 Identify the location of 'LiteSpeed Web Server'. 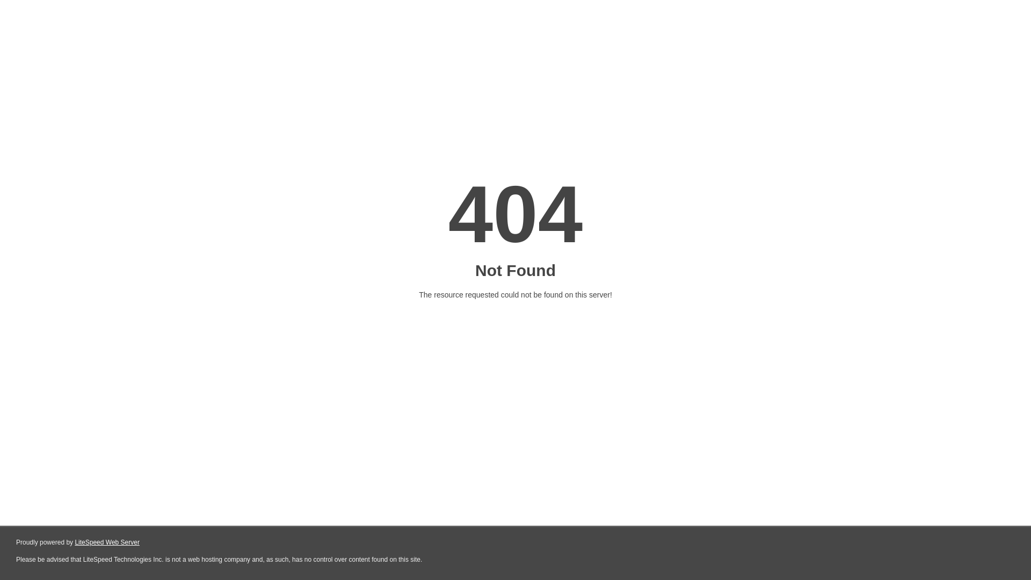
(107, 542).